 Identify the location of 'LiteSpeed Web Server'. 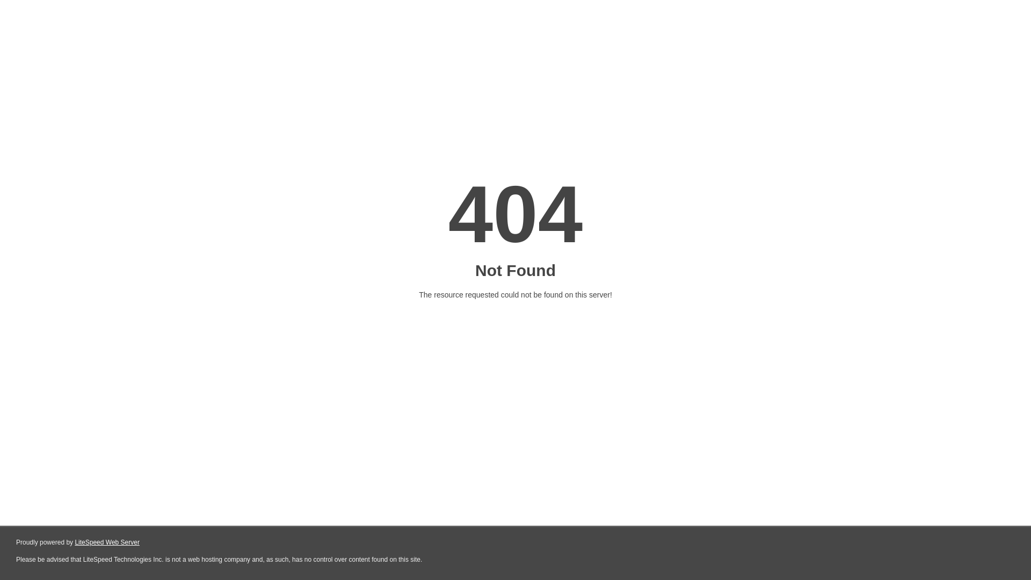
(107, 542).